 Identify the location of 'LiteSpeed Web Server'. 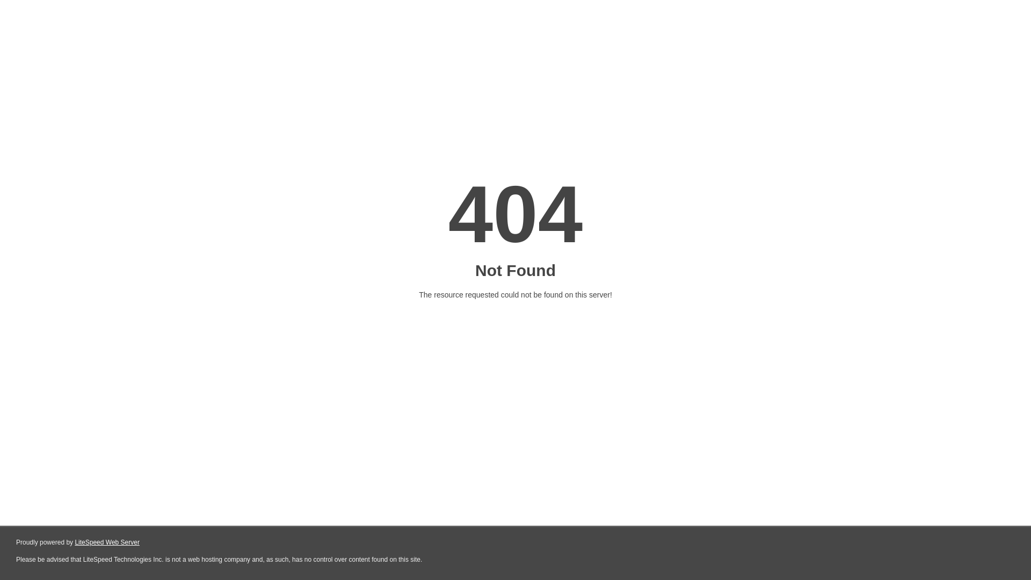
(107, 542).